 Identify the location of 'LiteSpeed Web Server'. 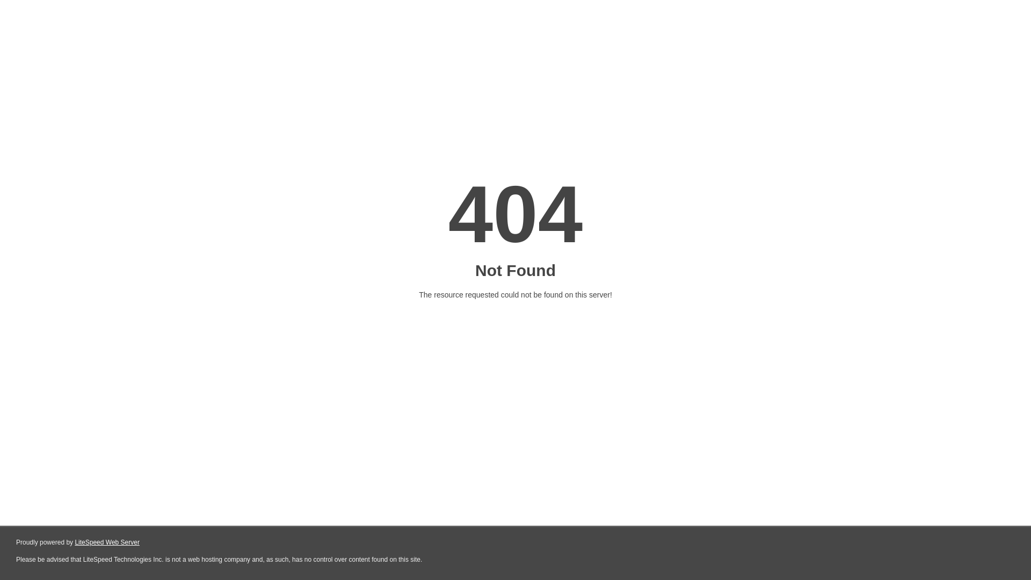
(107, 542).